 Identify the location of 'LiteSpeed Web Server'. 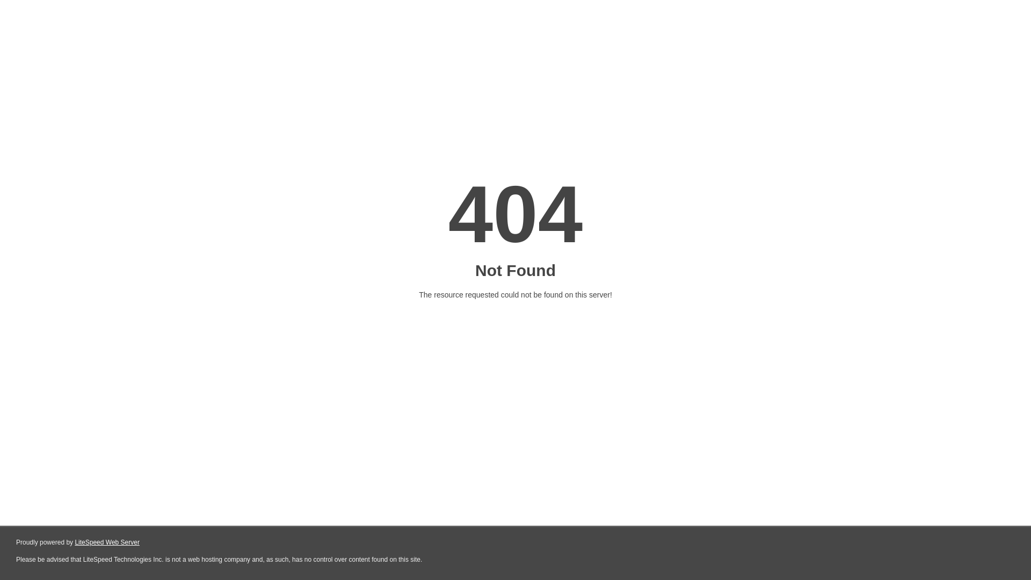
(107, 542).